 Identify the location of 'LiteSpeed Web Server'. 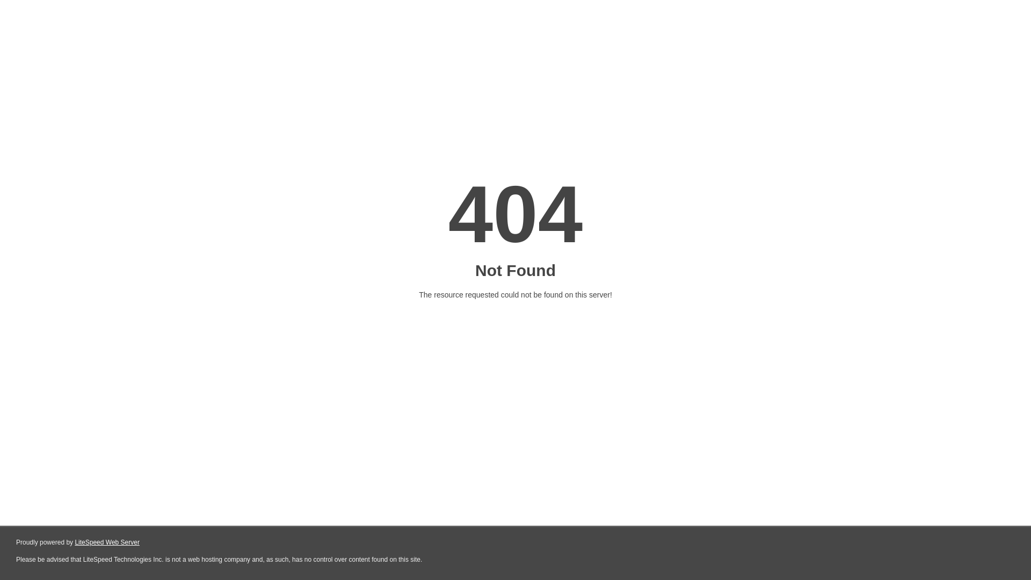
(107, 542).